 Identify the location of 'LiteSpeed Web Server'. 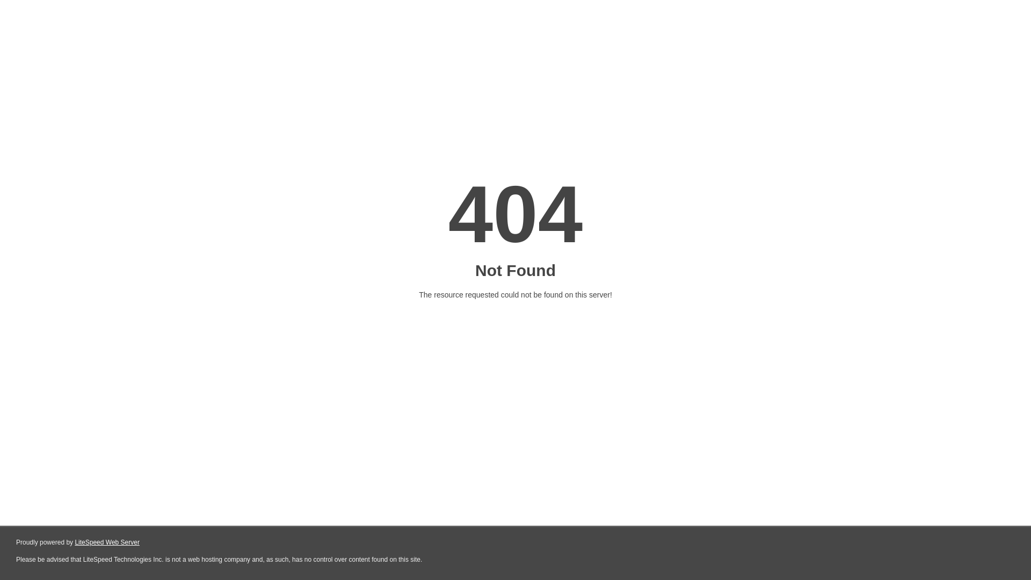
(107, 542).